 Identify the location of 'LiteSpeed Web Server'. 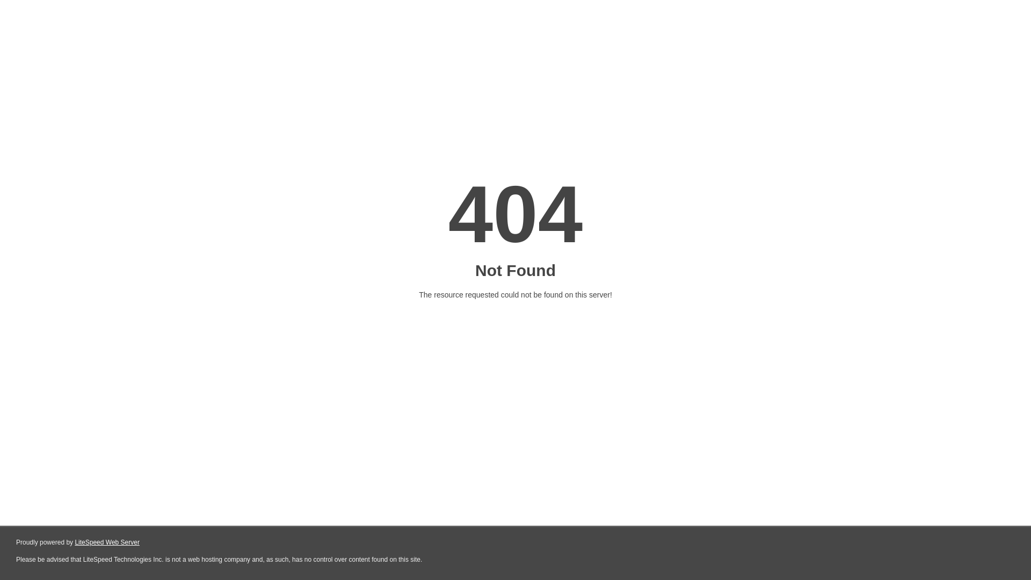
(107, 542).